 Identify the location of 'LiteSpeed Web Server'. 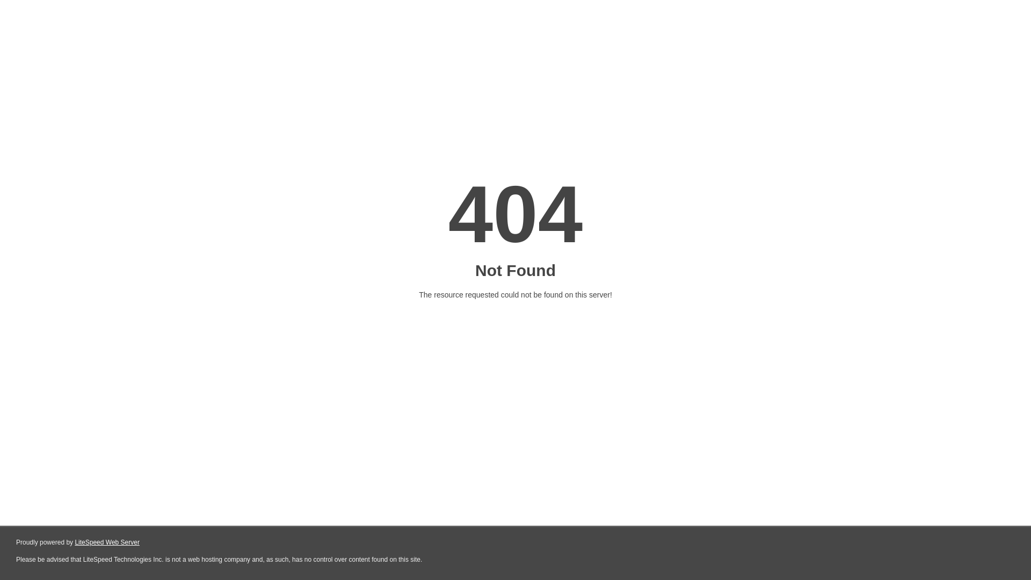
(107, 542).